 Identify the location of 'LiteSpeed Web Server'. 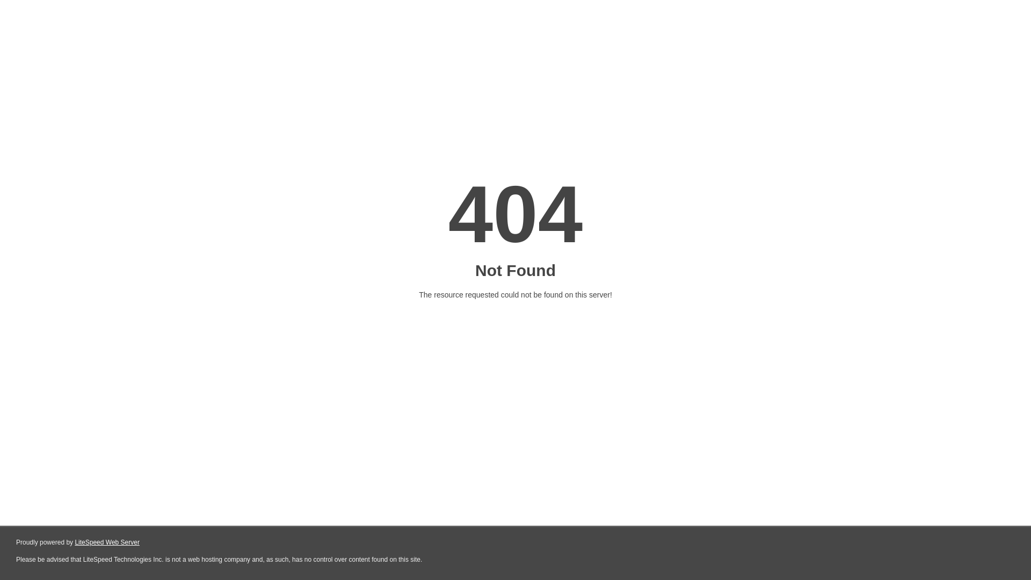
(107, 542).